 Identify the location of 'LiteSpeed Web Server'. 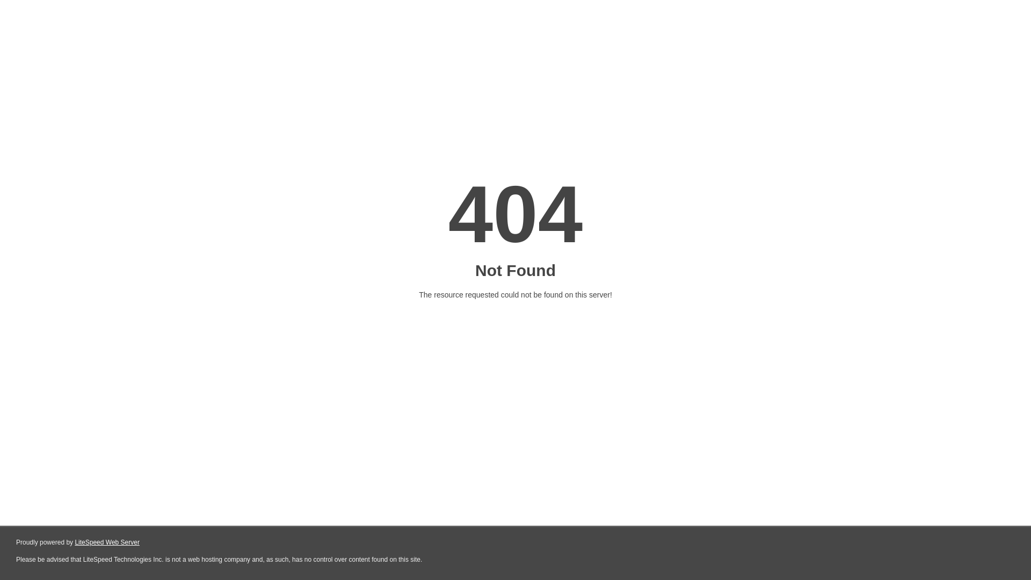
(107, 542).